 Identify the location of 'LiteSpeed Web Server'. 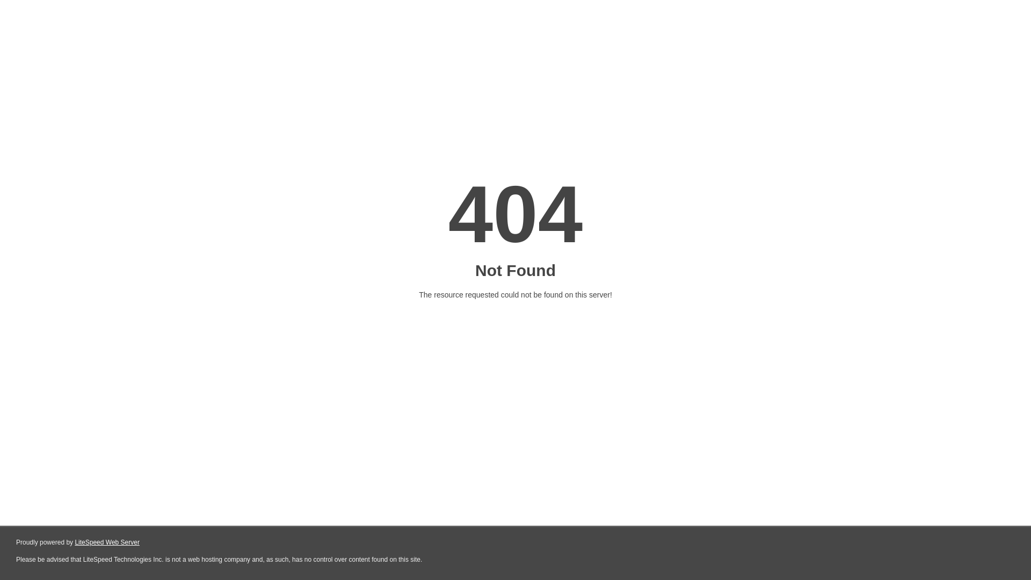
(107, 542).